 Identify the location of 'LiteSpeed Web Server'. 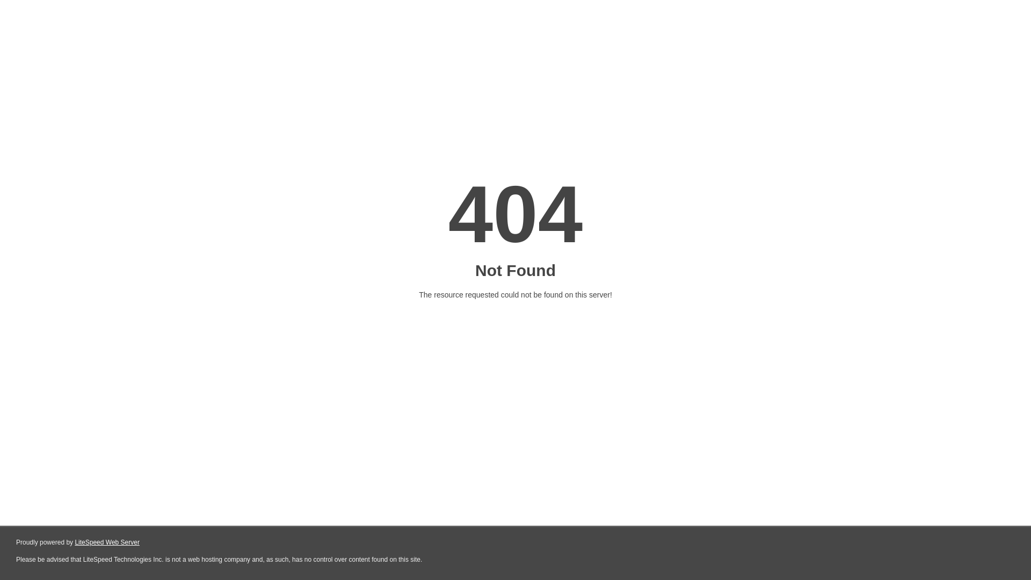
(107, 542).